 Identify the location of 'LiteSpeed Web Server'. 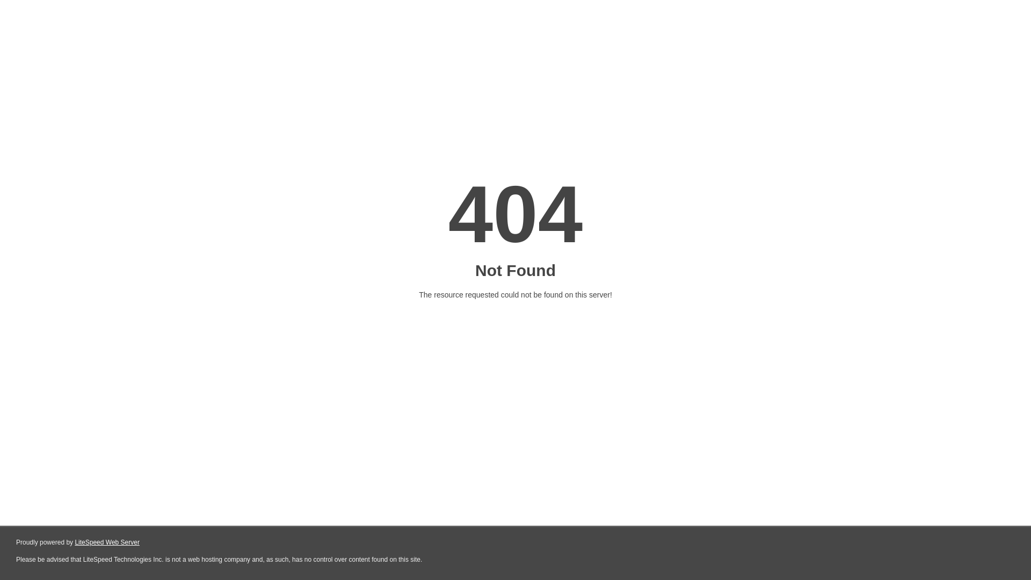
(107, 542).